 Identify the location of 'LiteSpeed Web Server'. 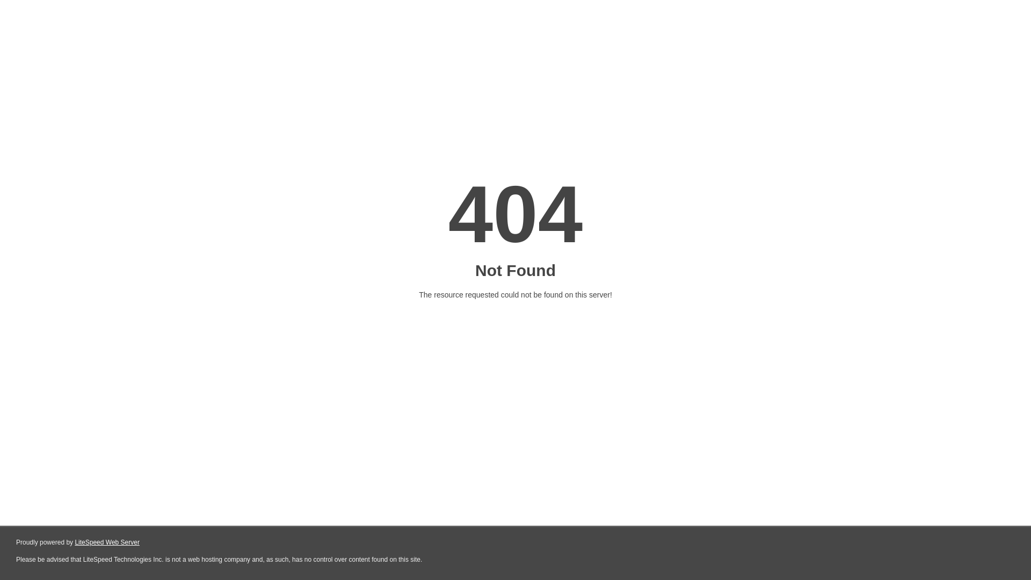
(107, 542).